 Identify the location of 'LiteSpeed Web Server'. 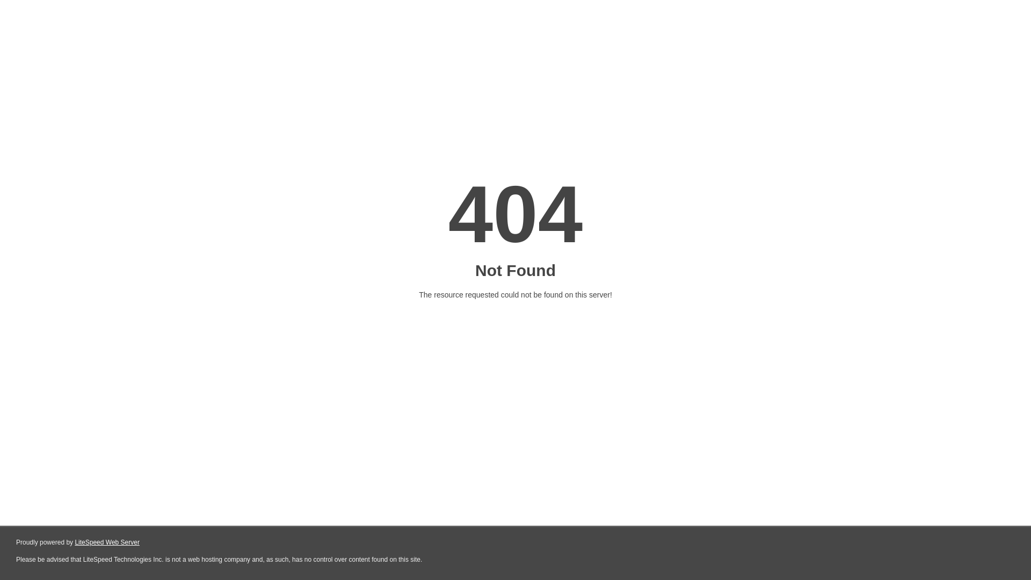
(107, 542).